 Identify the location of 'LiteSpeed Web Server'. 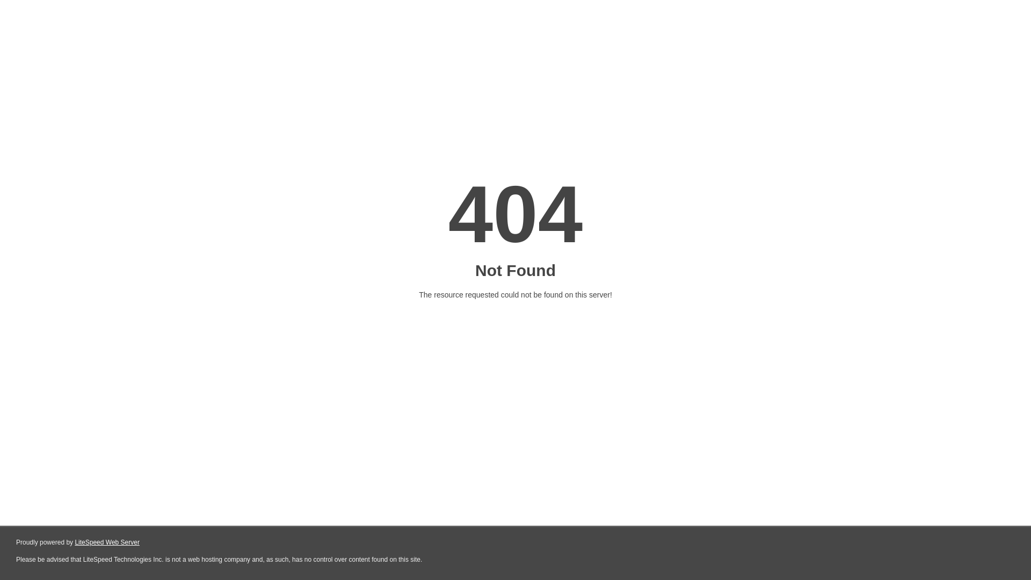
(107, 542).